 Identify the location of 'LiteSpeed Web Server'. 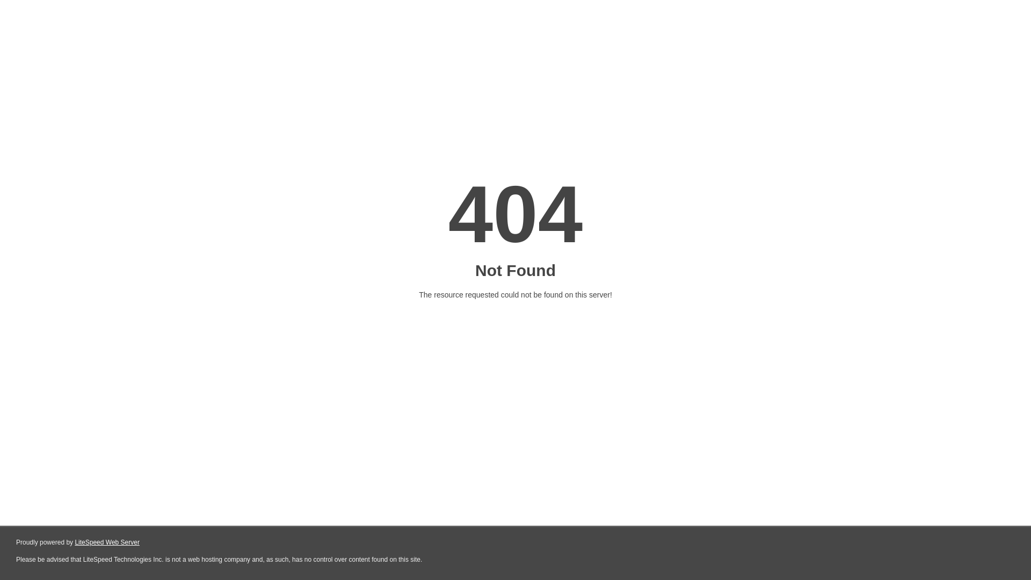
(107, 542).